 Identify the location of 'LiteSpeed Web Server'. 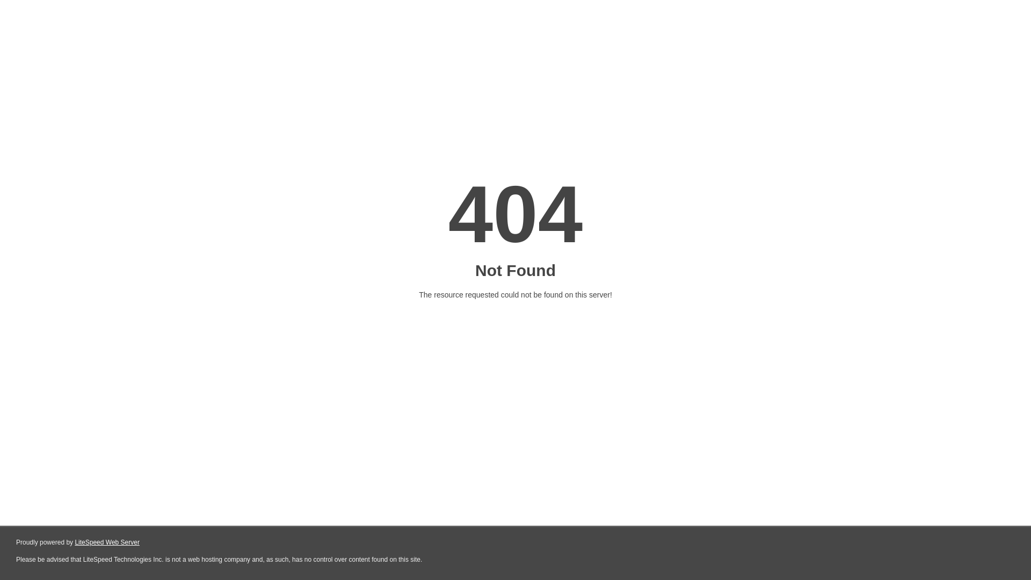
(107, 542).